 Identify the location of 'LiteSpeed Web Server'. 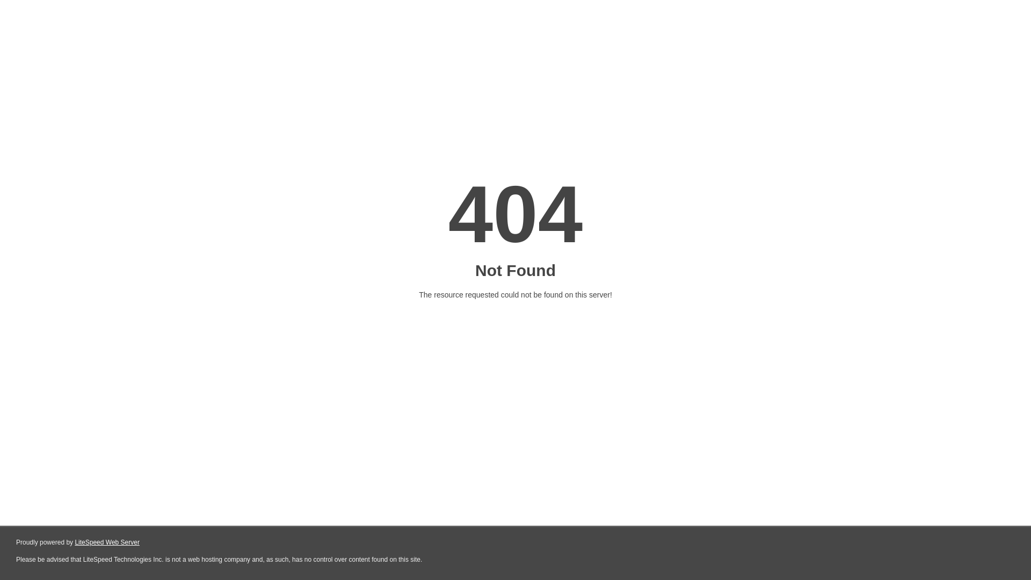
(107, 542).